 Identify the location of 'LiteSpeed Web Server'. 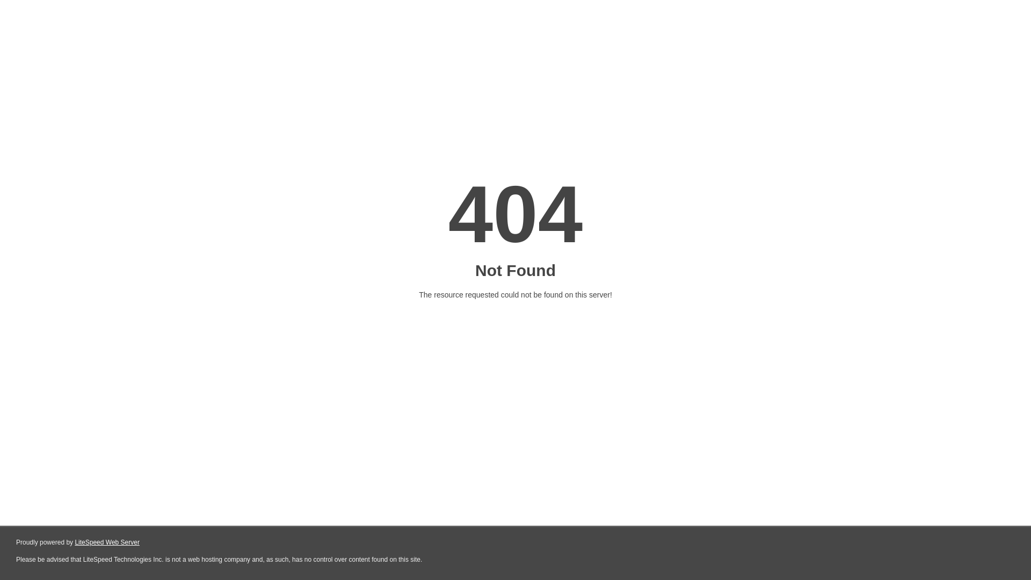
(107, 542).